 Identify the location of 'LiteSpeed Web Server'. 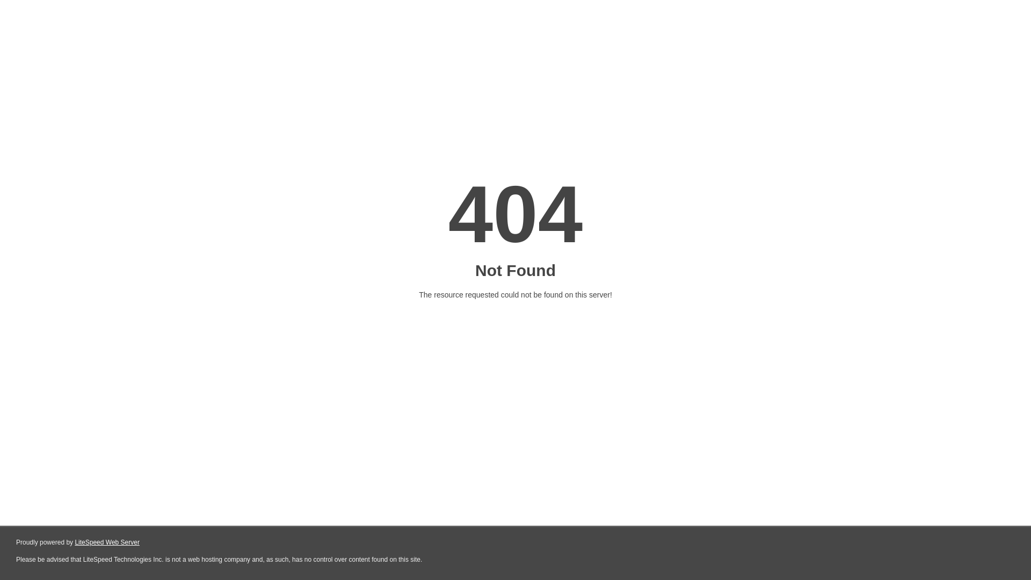
(107, 542).